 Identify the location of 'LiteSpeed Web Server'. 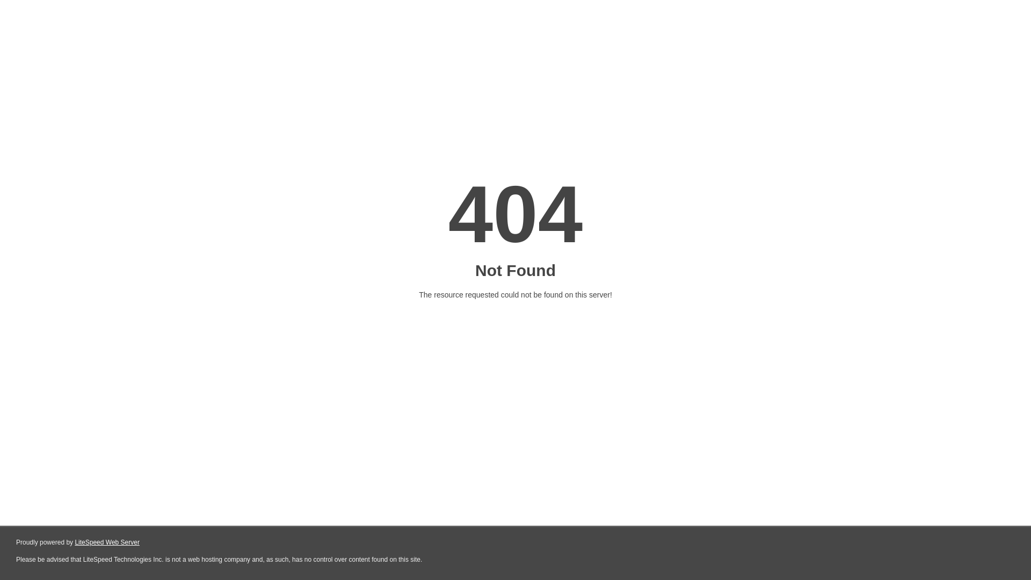
(107, 542).